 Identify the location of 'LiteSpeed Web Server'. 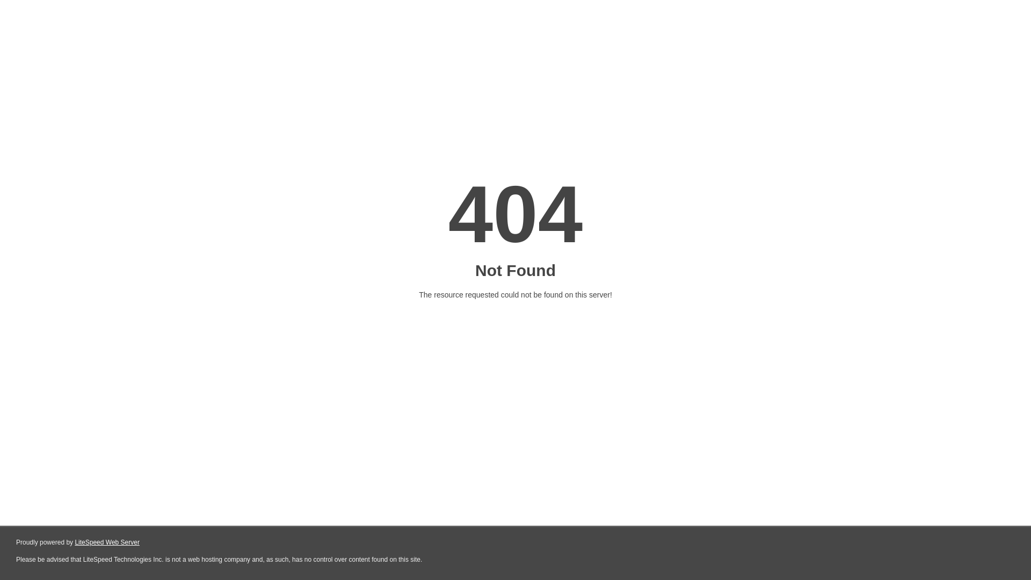
(107, 542).